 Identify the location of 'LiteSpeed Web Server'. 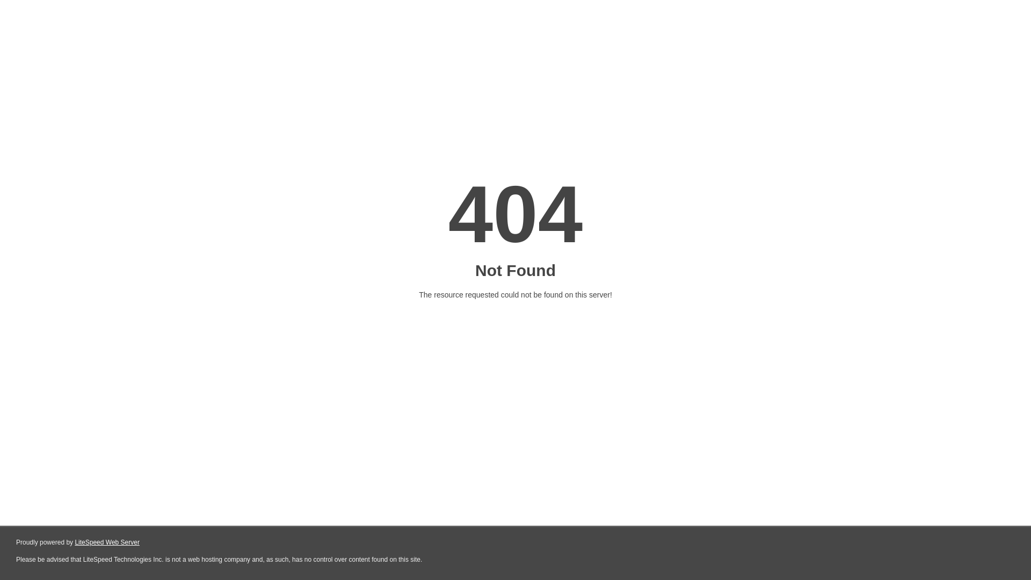
(107, 542).